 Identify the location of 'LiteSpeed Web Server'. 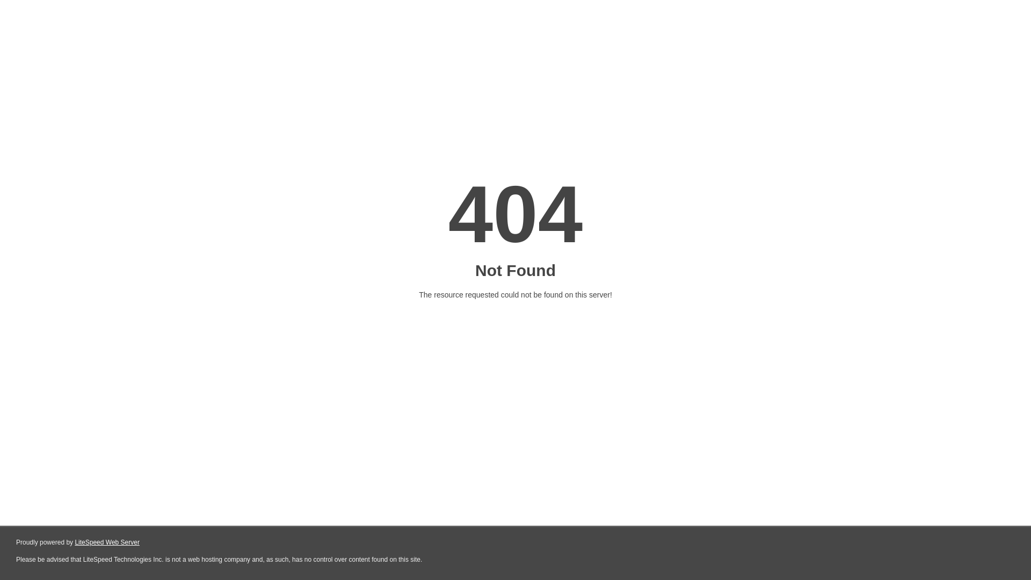
(107, 542).